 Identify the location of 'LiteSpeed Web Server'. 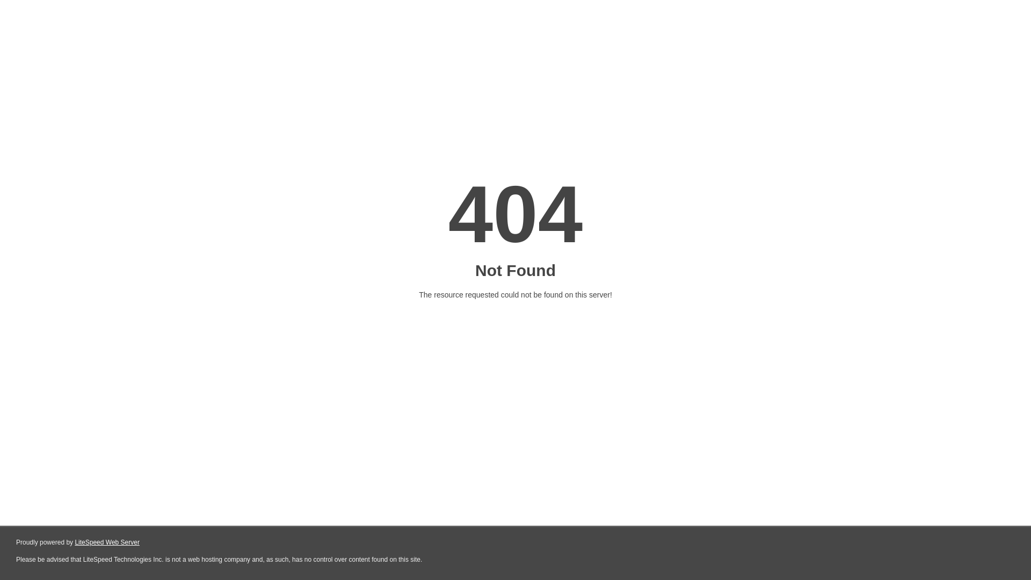
(107, 542).